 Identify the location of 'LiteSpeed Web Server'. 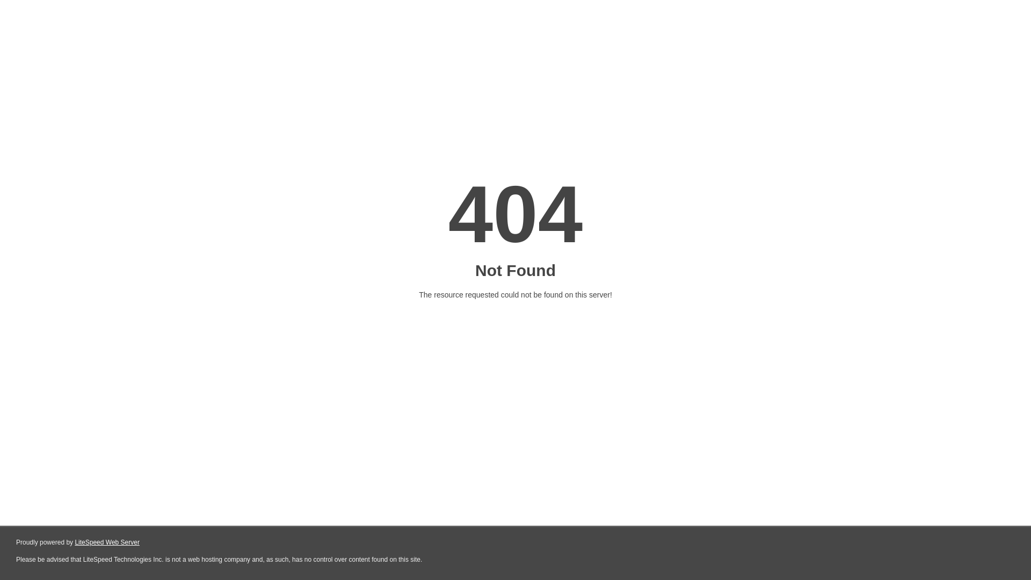
(107, 542).